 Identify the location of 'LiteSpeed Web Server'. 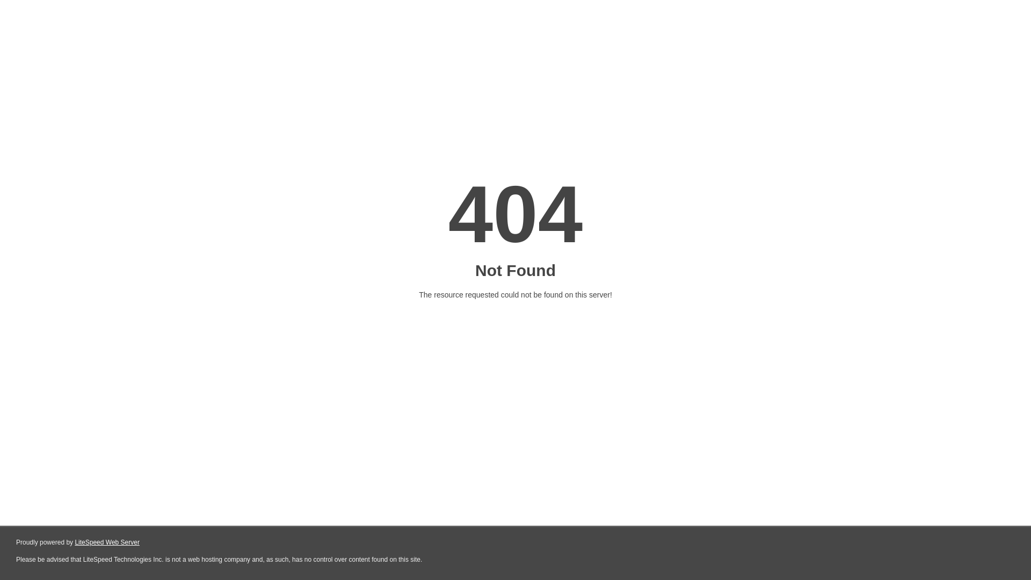
(107, 542).